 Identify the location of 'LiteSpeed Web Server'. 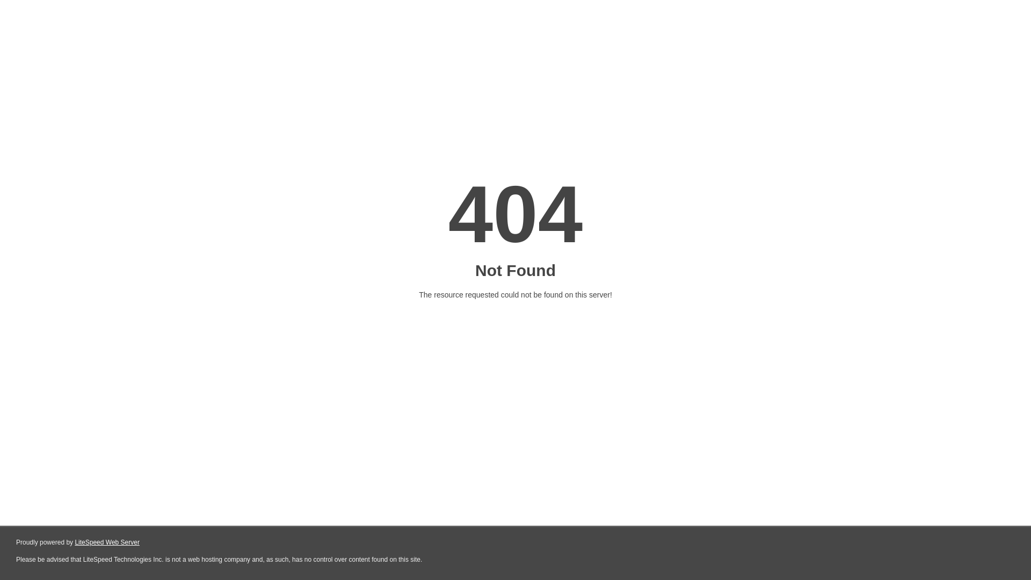
(107, 542).